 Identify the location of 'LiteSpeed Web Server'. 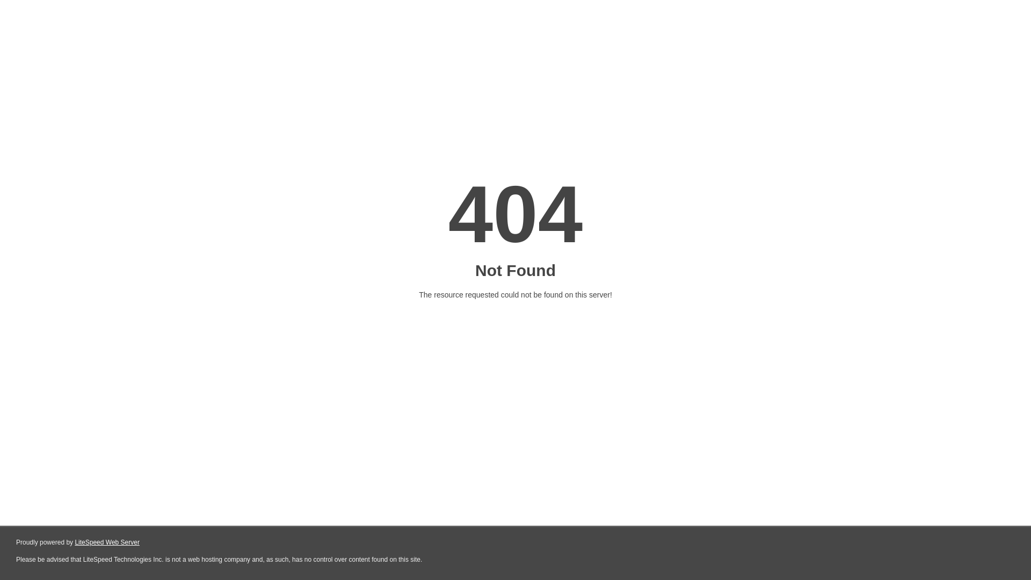
(107, 542).